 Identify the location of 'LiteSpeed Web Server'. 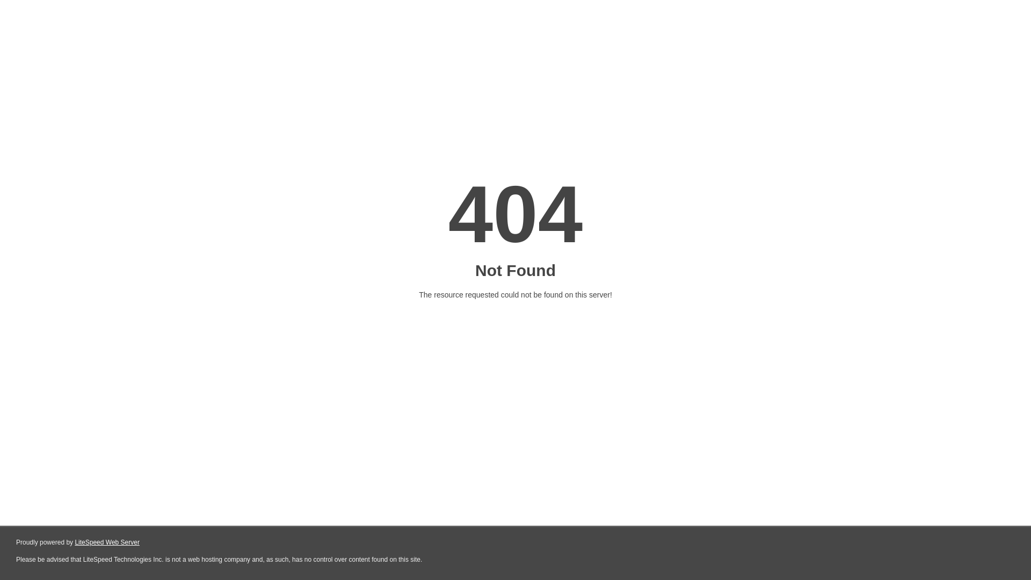
(107, 542).